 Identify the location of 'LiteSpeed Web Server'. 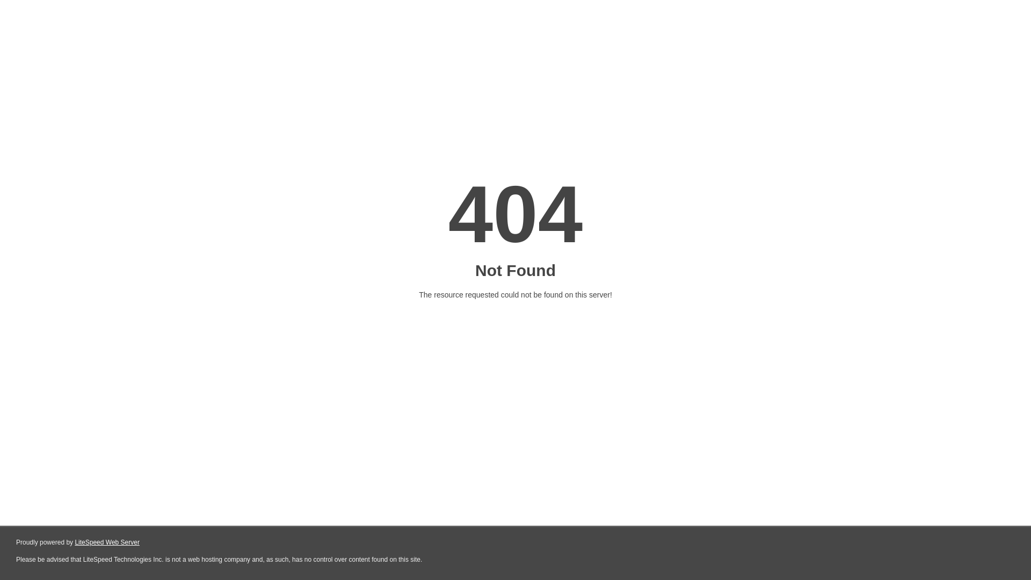
(107, 542).